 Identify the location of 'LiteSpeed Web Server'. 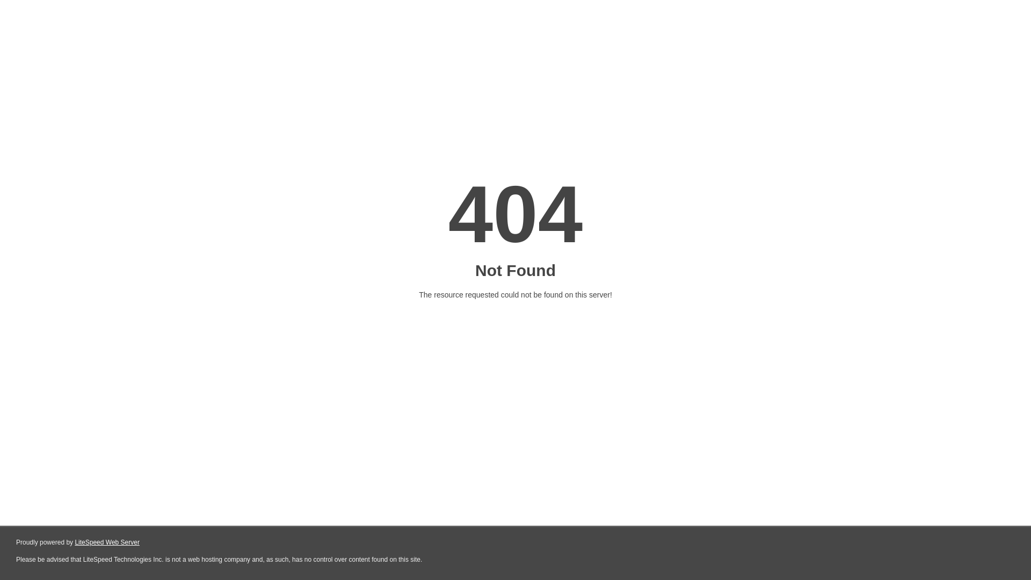
(107, 542).